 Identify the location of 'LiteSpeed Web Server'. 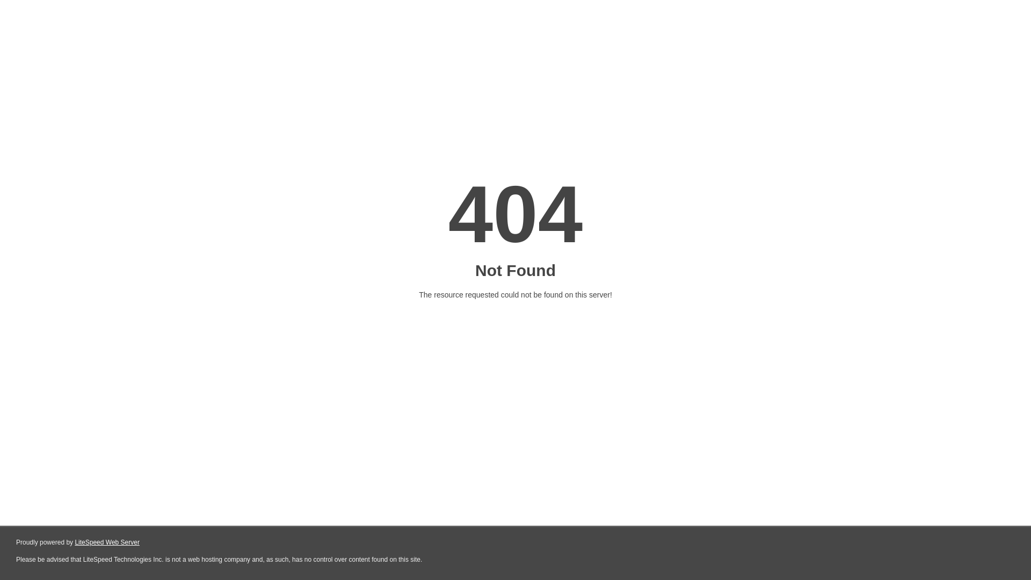
(107, 542).